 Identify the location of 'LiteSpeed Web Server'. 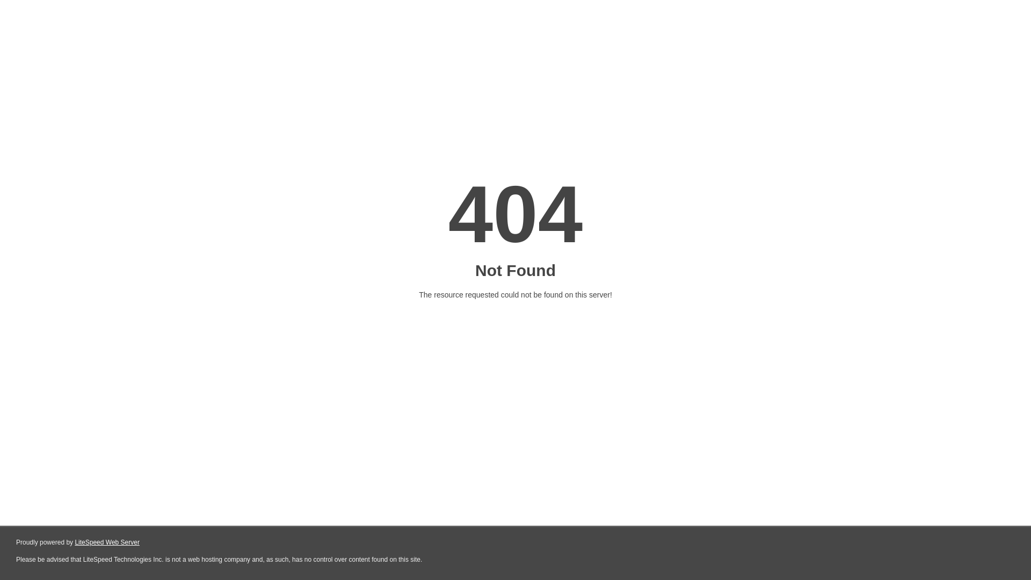
(107, 542).